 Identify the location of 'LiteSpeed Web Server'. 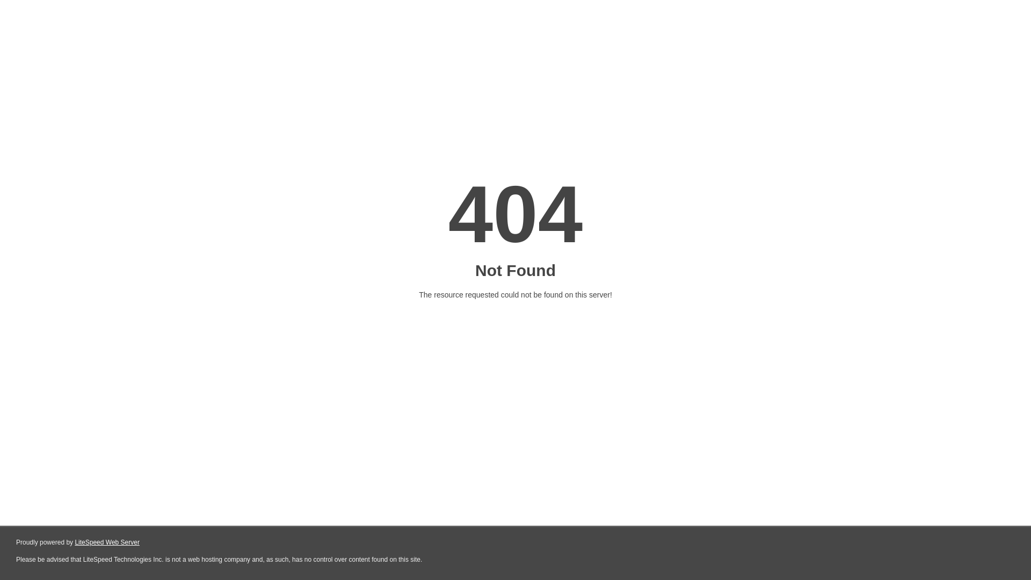
(107, 542).